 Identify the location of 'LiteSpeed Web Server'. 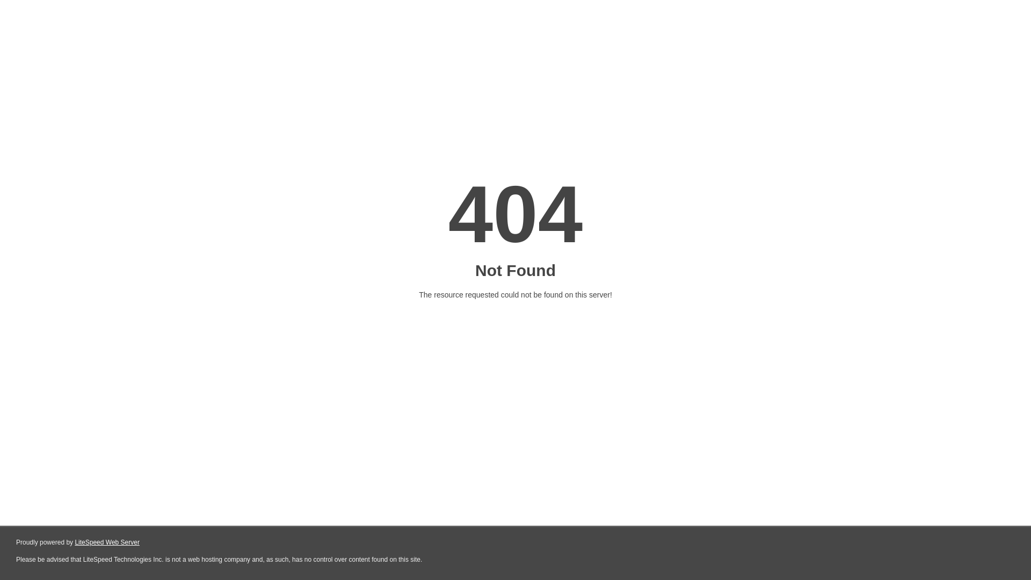
(107, 542).